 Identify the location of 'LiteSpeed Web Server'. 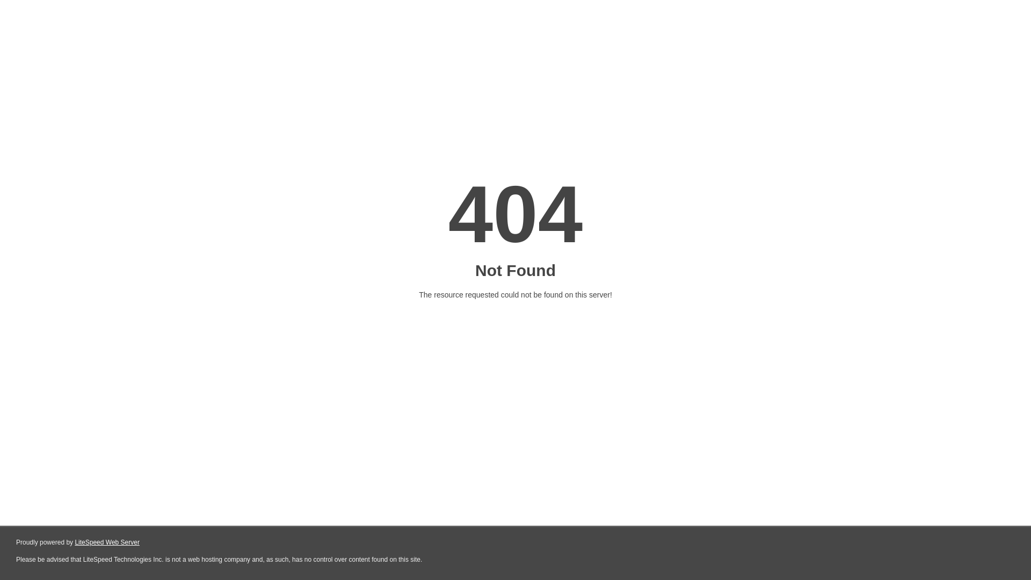
(107, 542).